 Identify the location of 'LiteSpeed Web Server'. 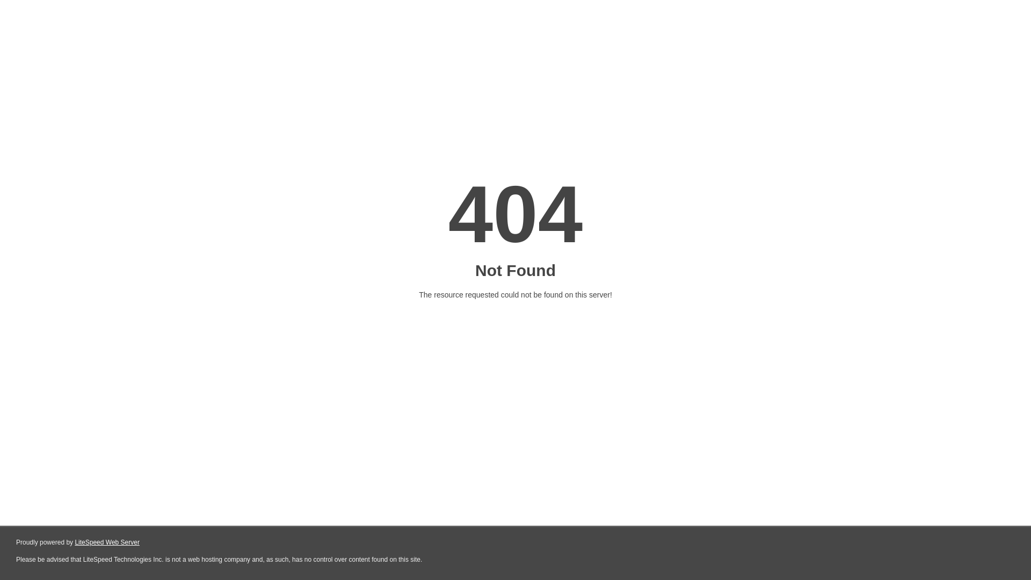
(107, 542).